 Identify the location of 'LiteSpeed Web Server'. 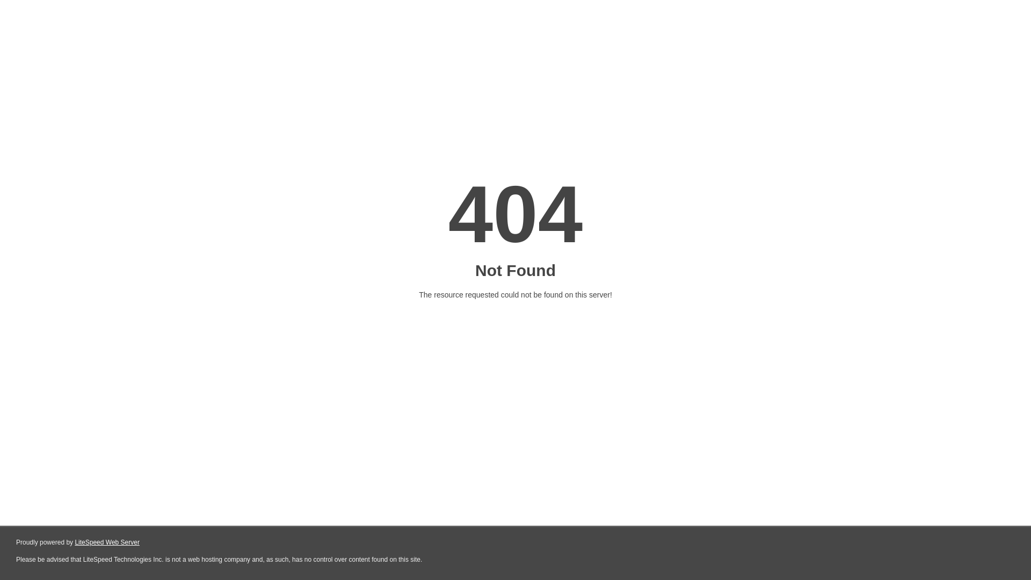
(107, 542).